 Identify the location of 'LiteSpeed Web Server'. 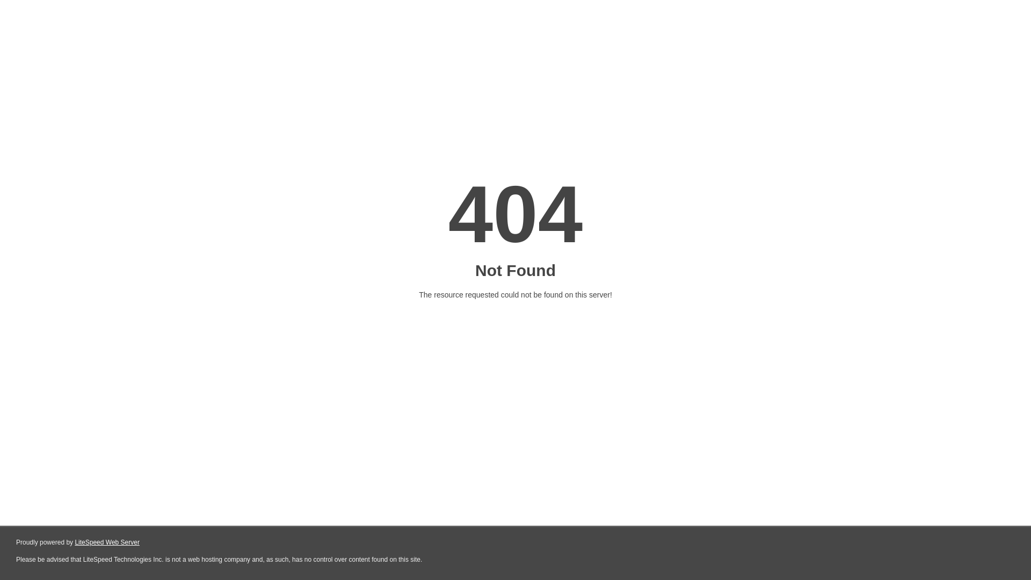
(107, 542).